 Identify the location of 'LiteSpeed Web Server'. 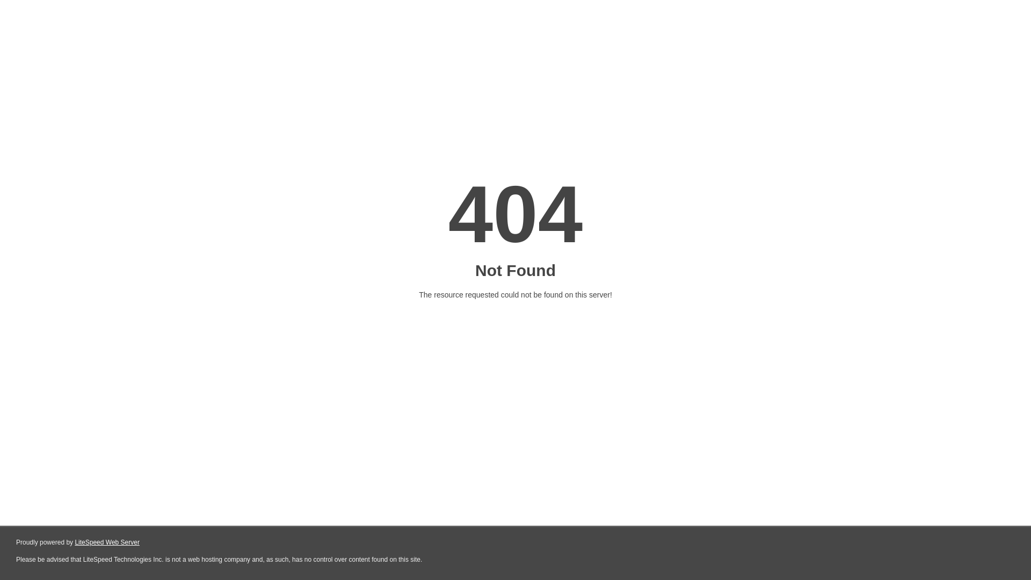
(107, 542).